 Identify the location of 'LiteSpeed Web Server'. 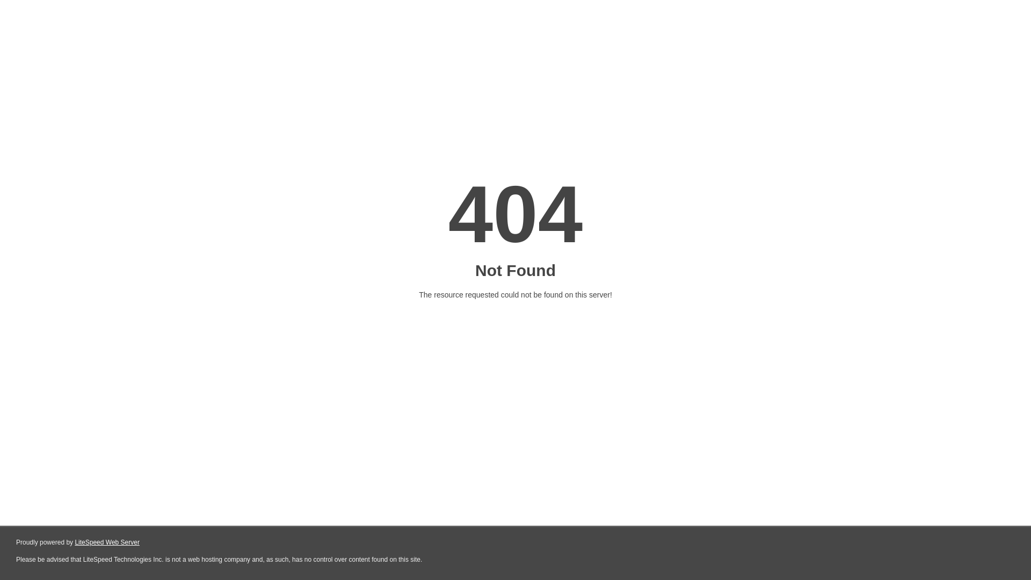
(107, 542).